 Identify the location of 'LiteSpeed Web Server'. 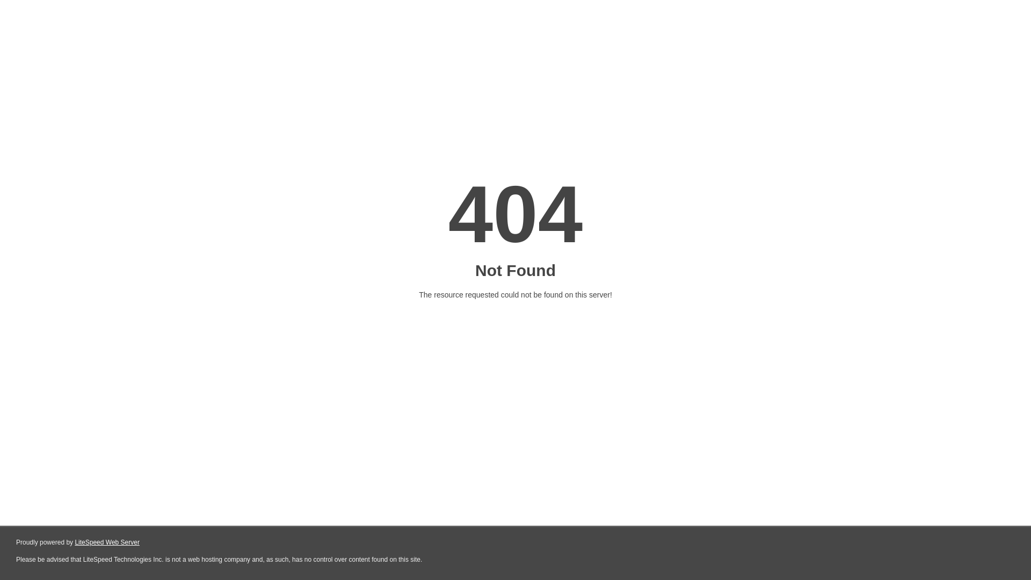
(107, 542).